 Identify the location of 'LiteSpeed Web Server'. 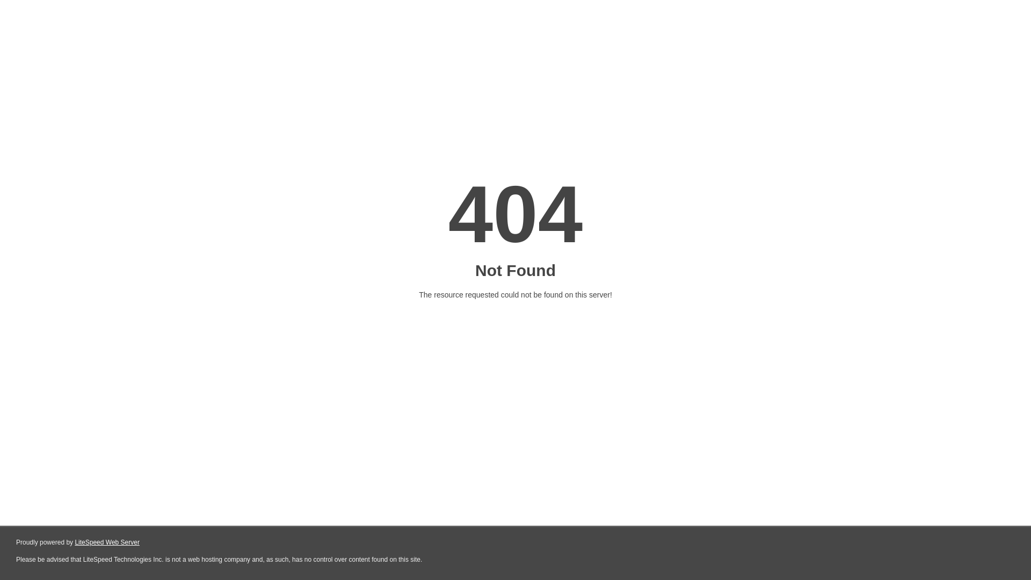
(107, 542).